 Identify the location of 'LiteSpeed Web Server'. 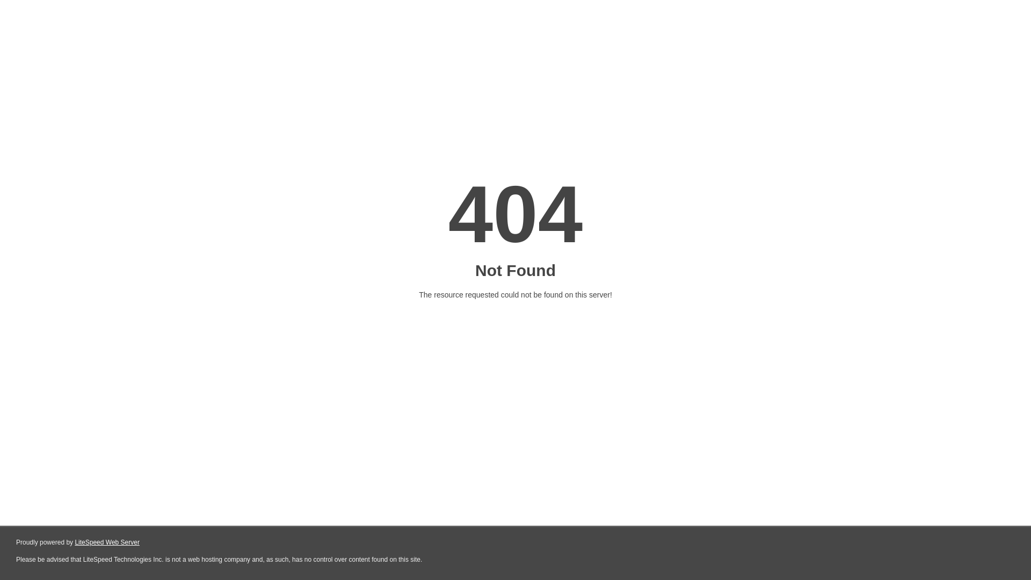
(107, 542).